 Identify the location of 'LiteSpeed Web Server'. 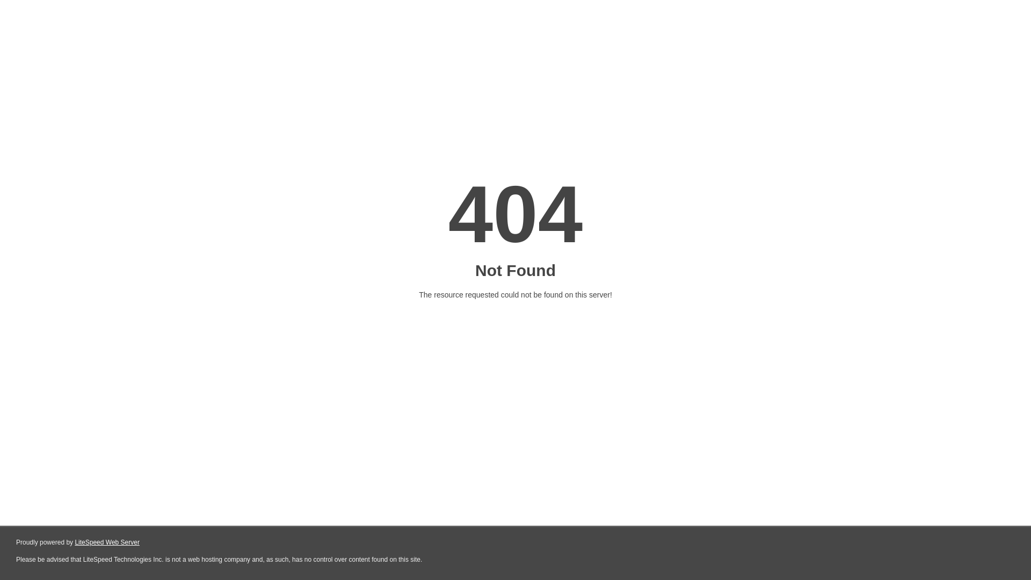
(107, 542).